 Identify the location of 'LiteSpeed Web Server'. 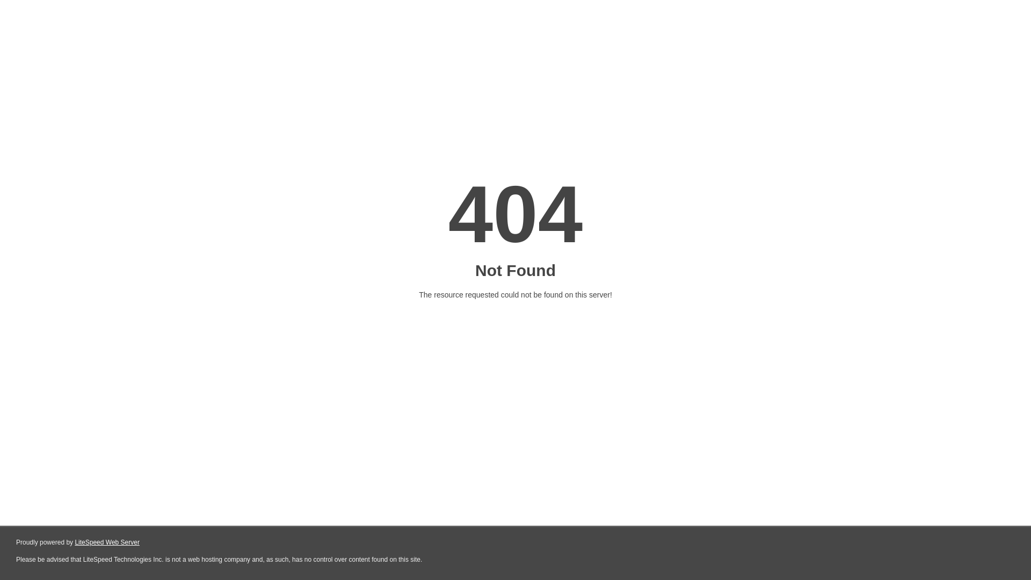
(107, 542).